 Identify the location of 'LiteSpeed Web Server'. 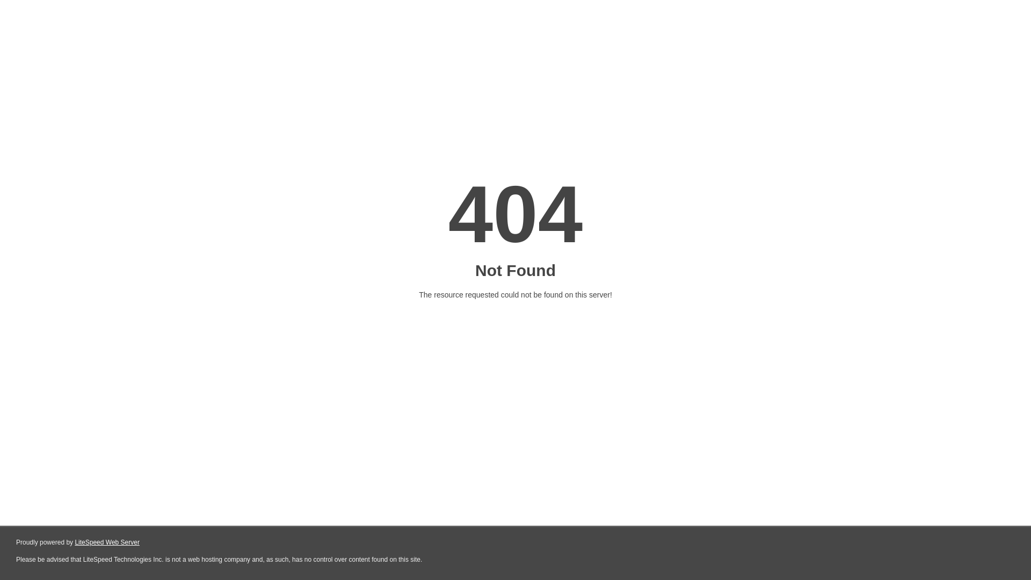
(107, 542).